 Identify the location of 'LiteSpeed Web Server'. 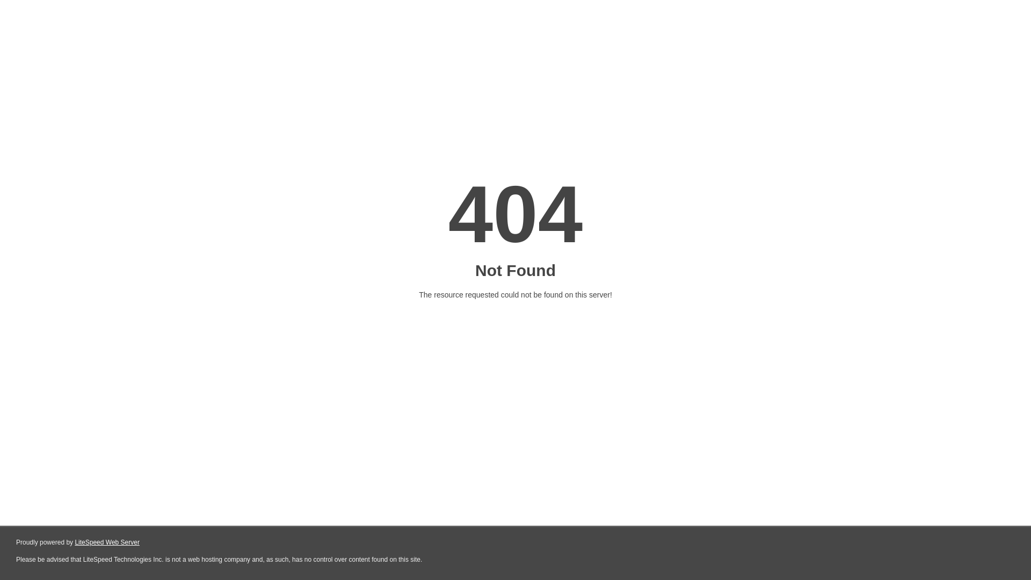
(107, 542).